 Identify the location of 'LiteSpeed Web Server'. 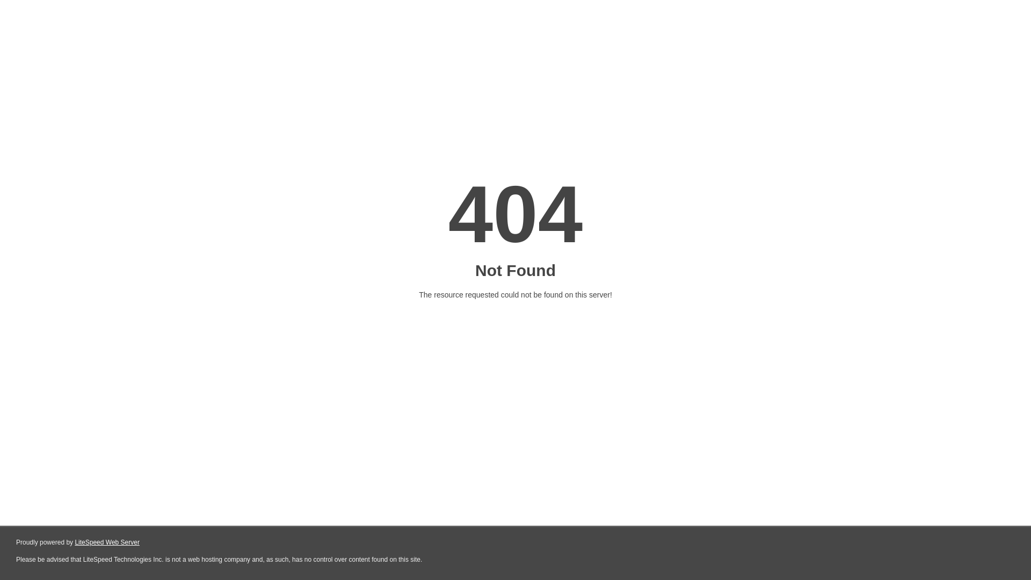
(107, 542).